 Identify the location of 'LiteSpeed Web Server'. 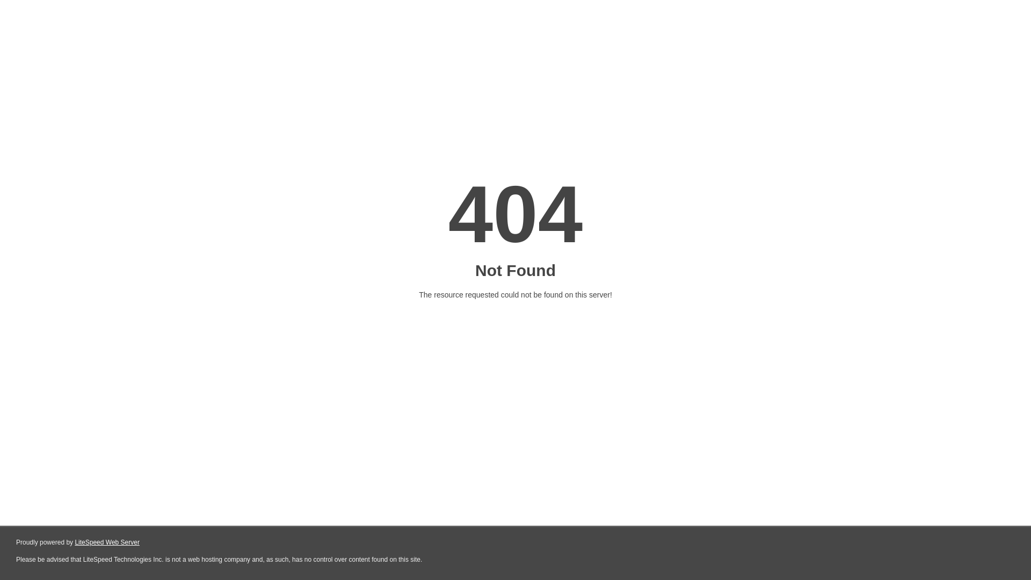
(107, 542).